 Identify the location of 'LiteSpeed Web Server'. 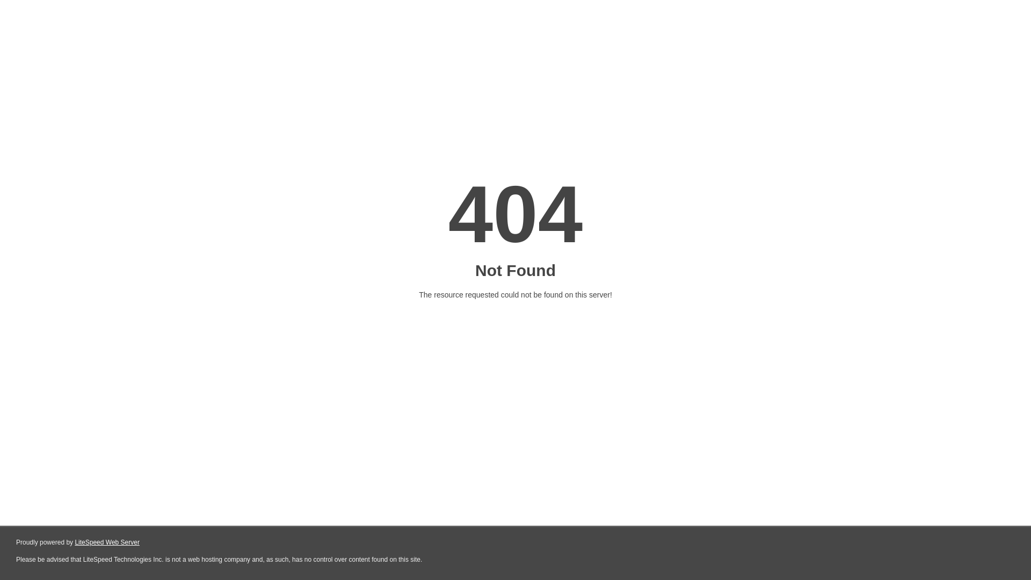
(107, 542).